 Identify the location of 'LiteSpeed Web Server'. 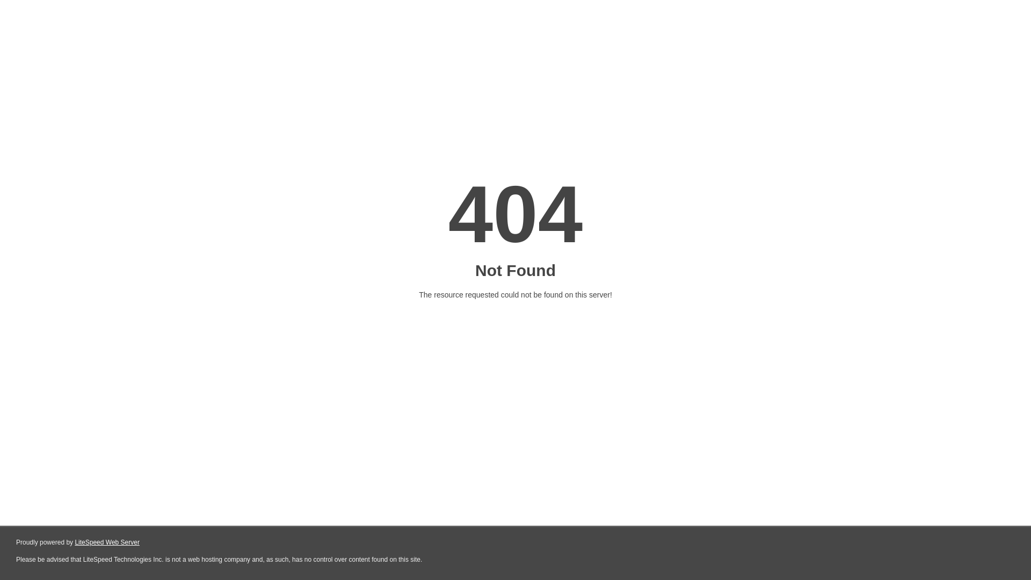
(107, 542).